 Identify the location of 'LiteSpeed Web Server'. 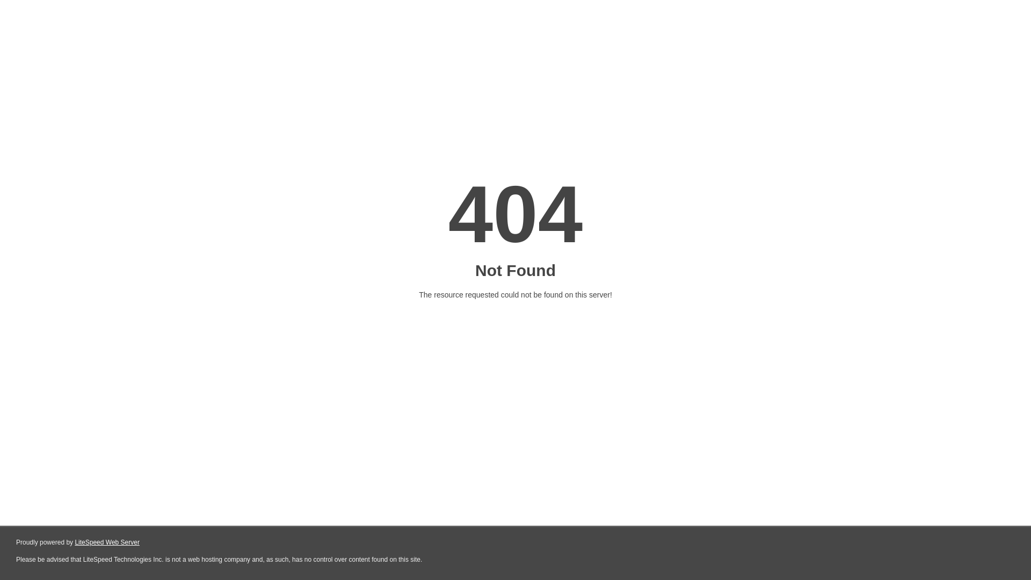
(107, 542).